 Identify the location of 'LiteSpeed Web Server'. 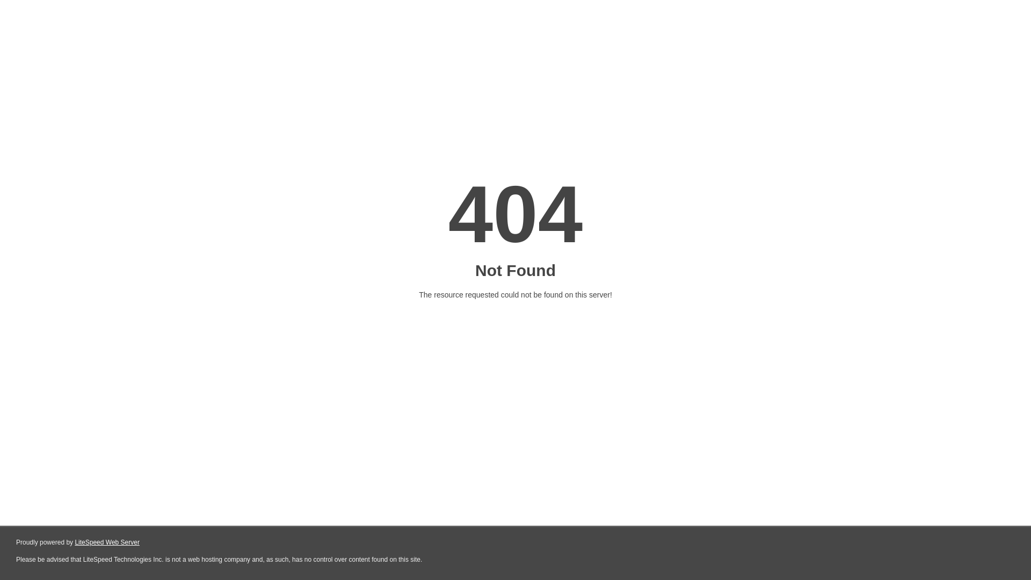
(107, 542).